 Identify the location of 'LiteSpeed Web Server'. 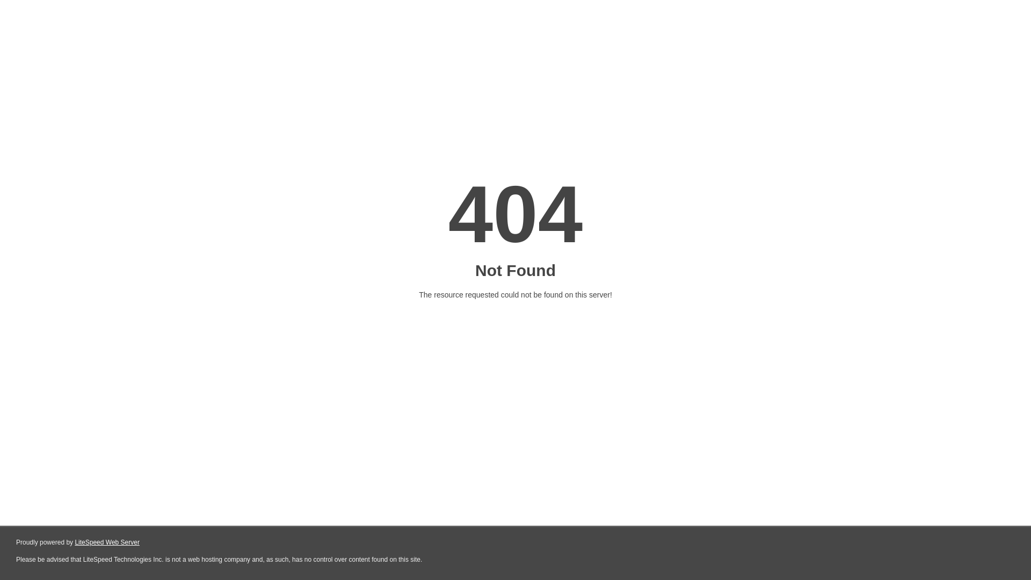
(107, 542).